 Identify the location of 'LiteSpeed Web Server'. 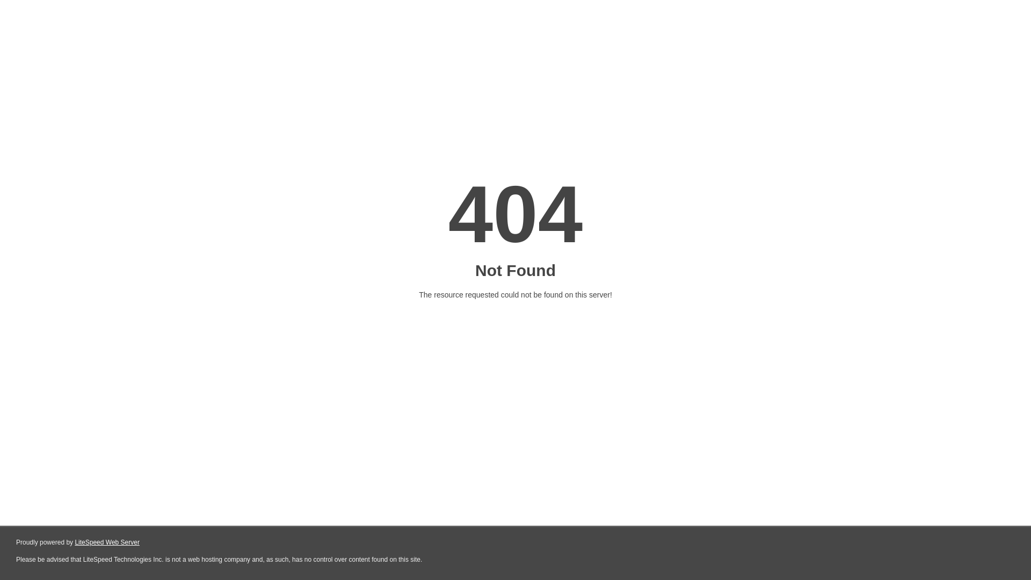
(107, 542).